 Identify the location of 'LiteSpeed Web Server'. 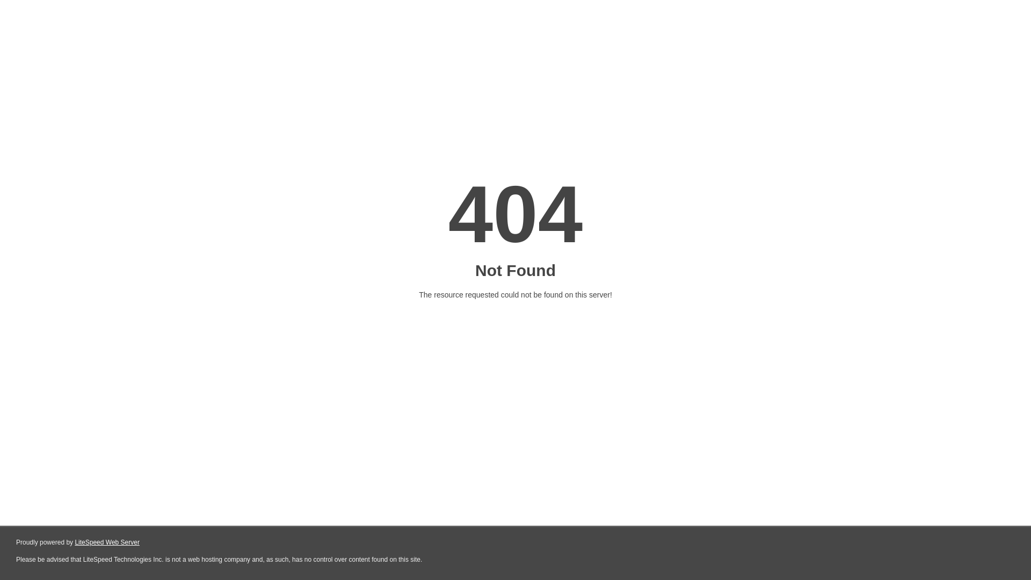
(107, 542).